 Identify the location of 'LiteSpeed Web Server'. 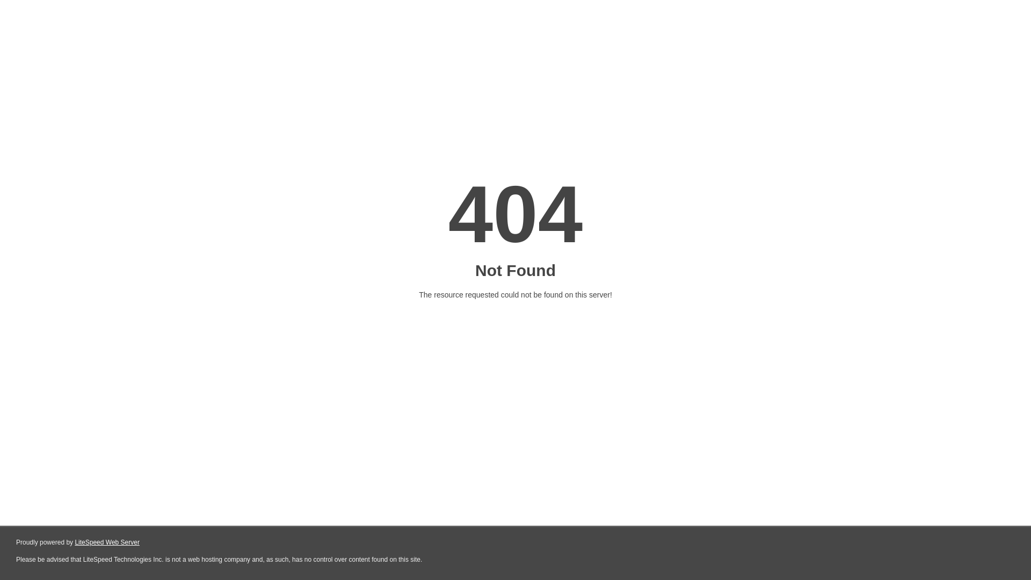
(107, 542).